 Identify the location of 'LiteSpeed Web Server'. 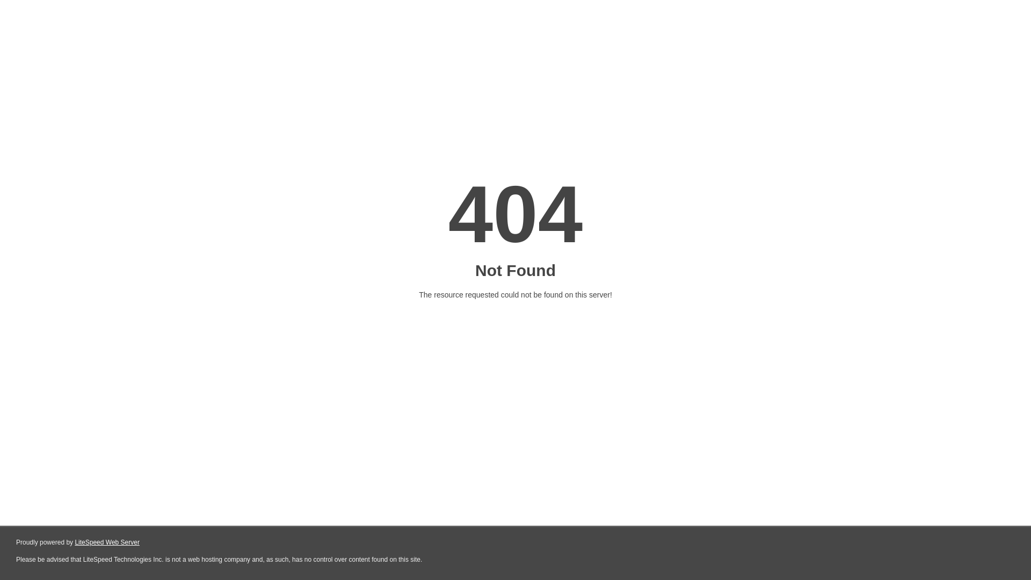
(107, 542).